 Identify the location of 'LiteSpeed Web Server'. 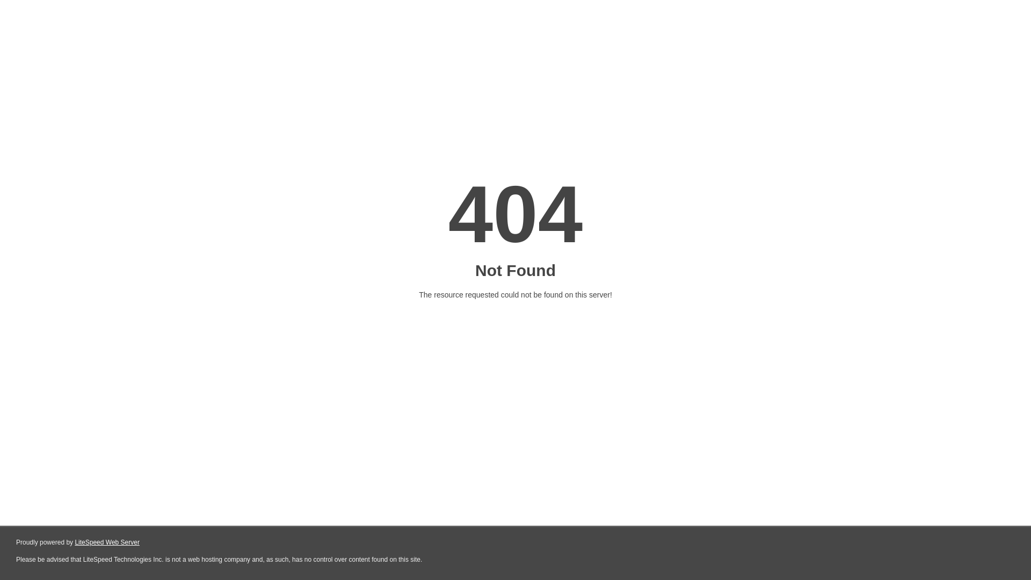
(107, 542).